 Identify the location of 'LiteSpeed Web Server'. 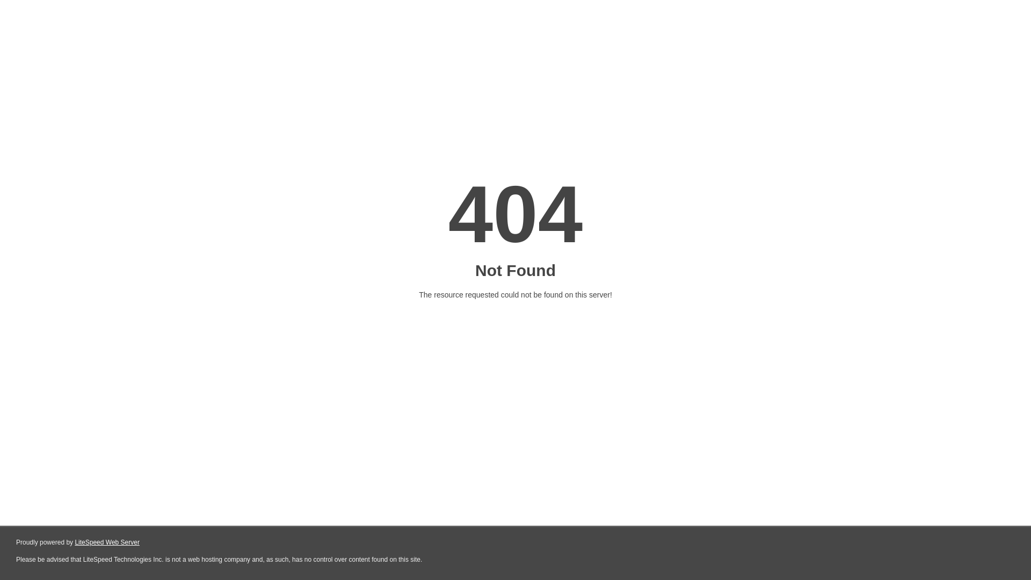
(107, 542).